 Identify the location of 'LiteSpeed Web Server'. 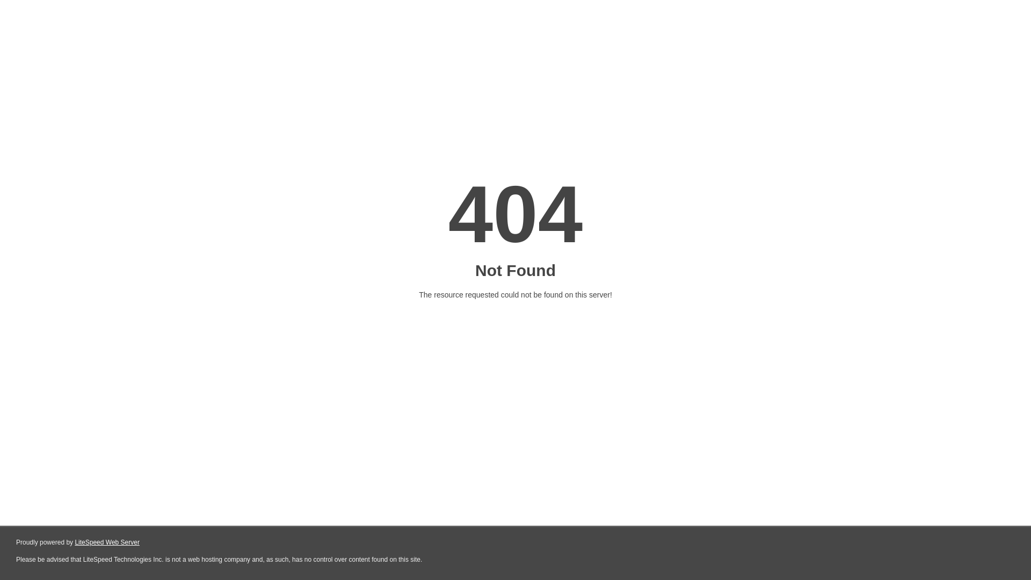
(107, 542).